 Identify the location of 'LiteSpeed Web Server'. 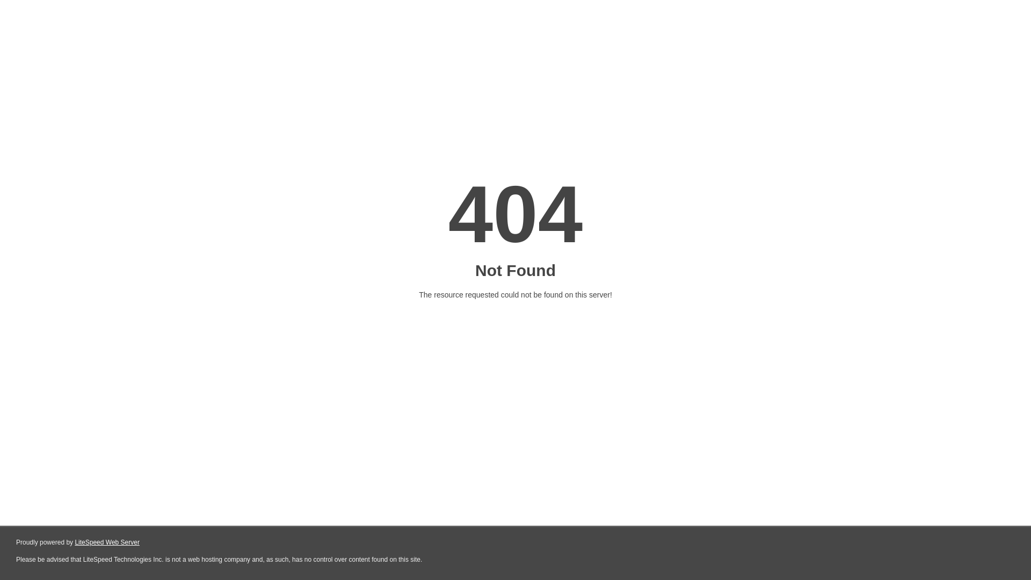
(107, 542).